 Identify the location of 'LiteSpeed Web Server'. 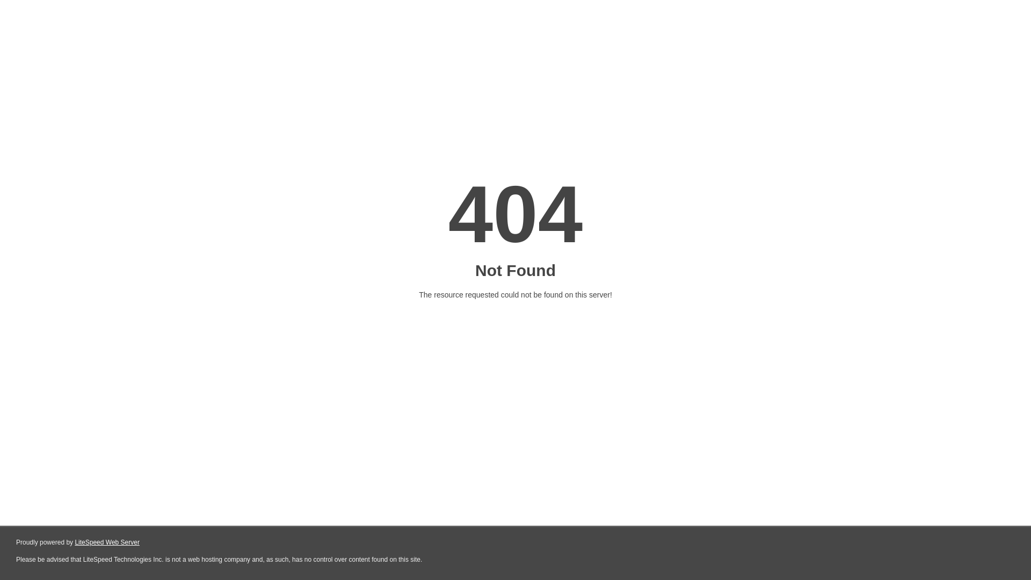
(107, 542).